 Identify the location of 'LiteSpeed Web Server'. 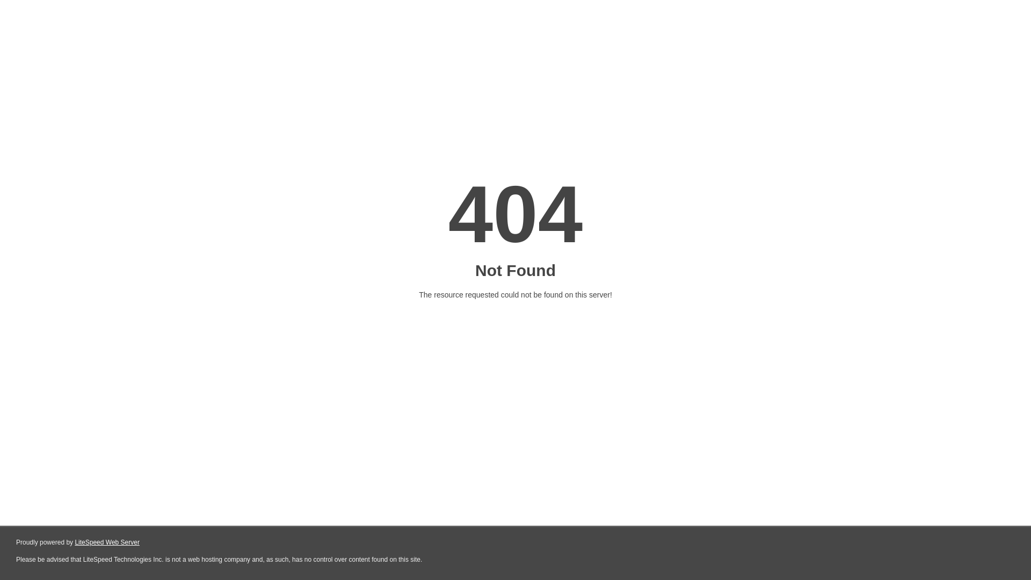
(107, 542).